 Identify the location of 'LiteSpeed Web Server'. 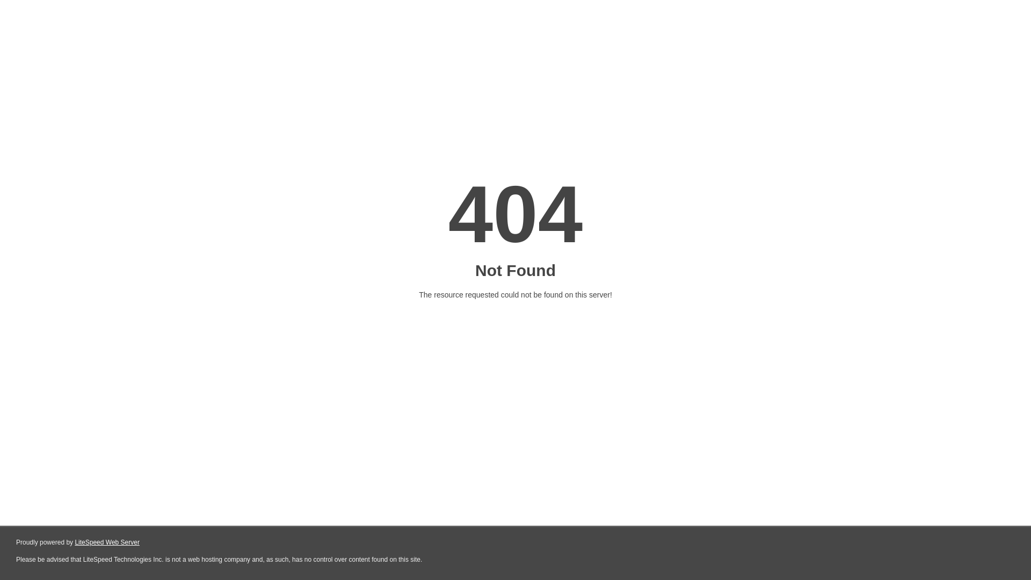
(107, 542).